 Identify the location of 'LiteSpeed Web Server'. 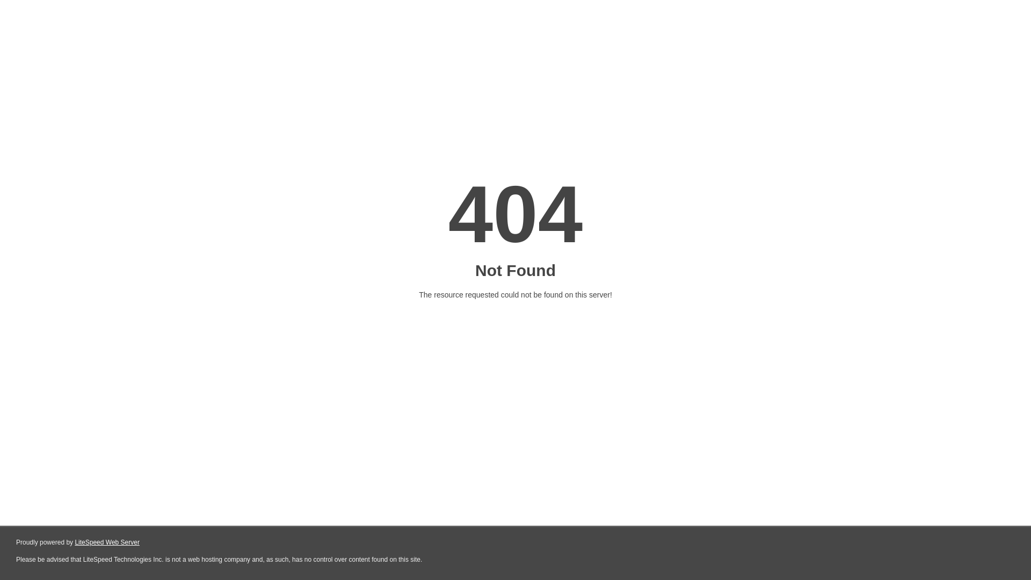
(107, 542).